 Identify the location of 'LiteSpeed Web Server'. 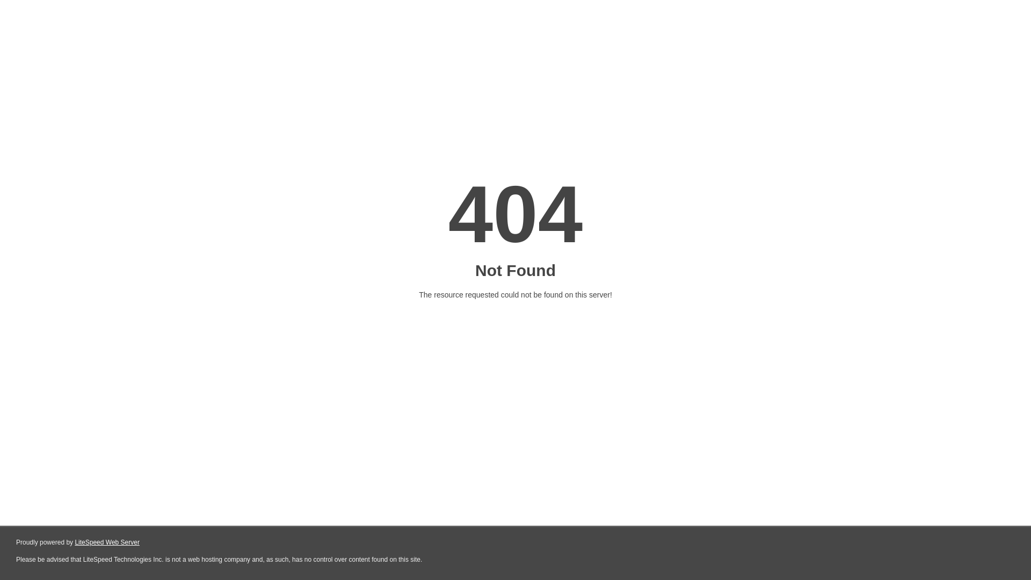
(107, 542).